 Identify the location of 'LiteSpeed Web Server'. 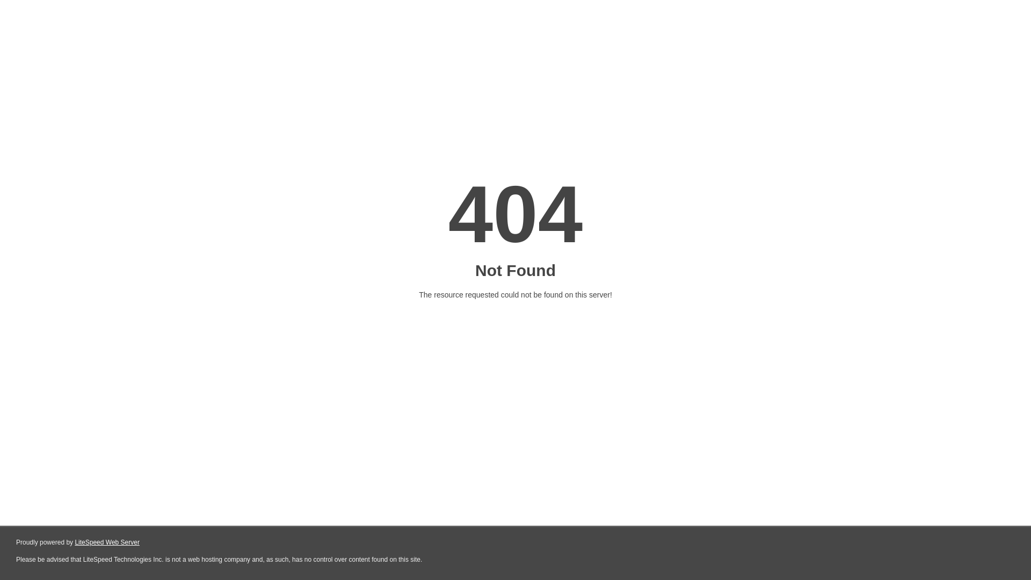
(107, 542).